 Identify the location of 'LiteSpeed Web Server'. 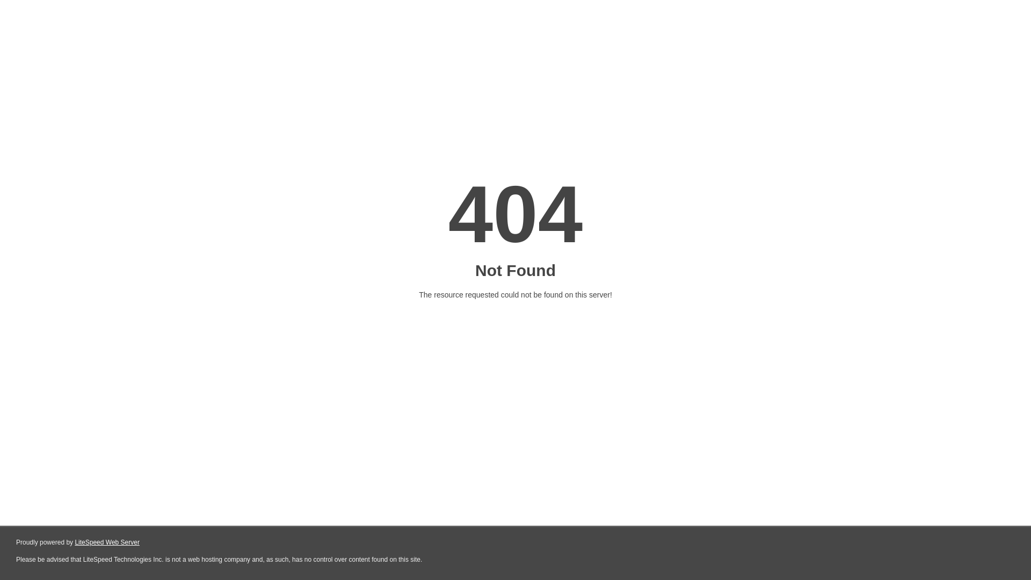
(107, 542).